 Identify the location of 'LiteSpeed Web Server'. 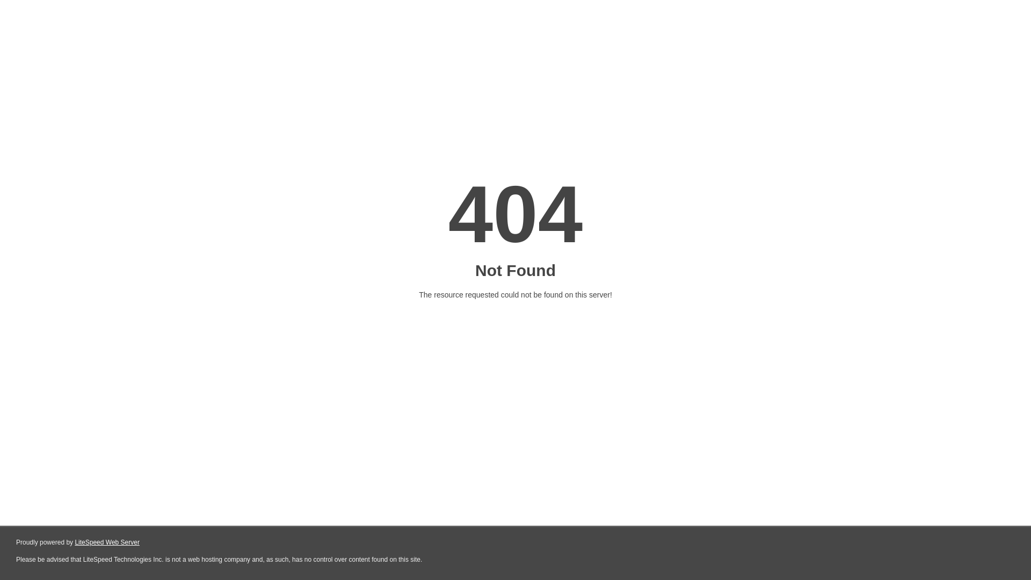
(107, 542).